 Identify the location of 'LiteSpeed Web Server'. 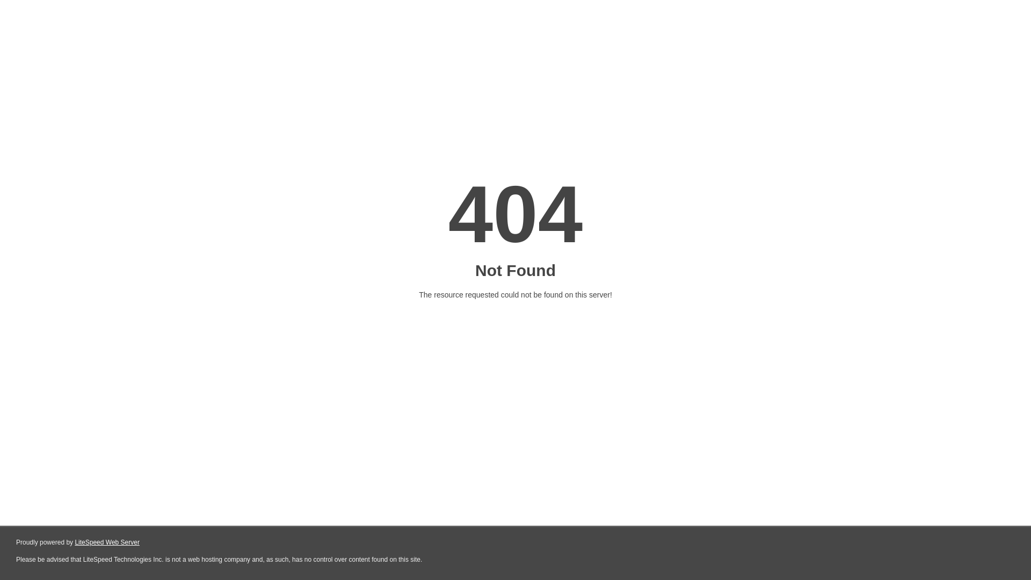
(107, 542).